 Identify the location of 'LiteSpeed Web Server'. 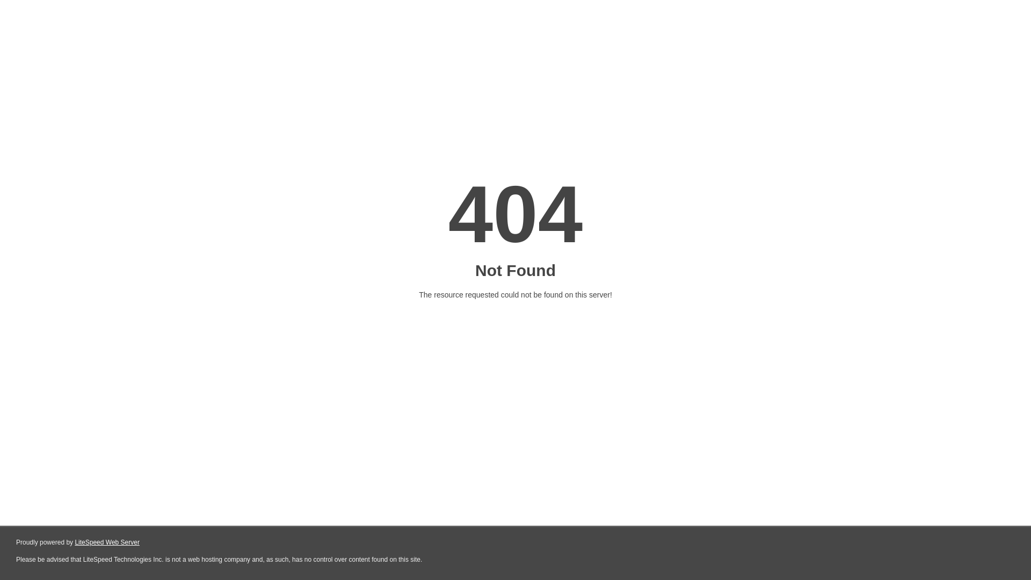
(107, 542).